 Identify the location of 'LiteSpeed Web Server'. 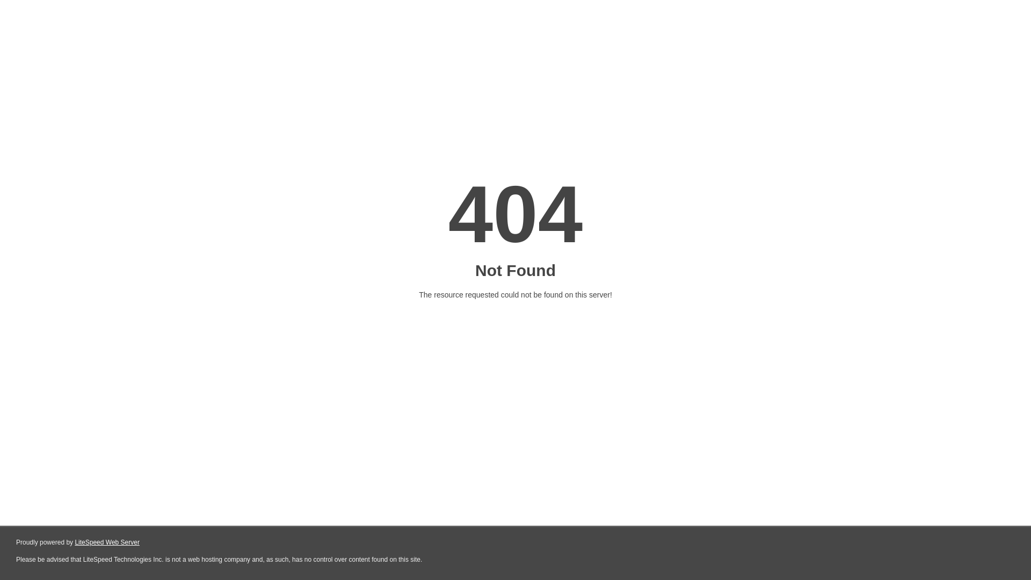
(107, 542).